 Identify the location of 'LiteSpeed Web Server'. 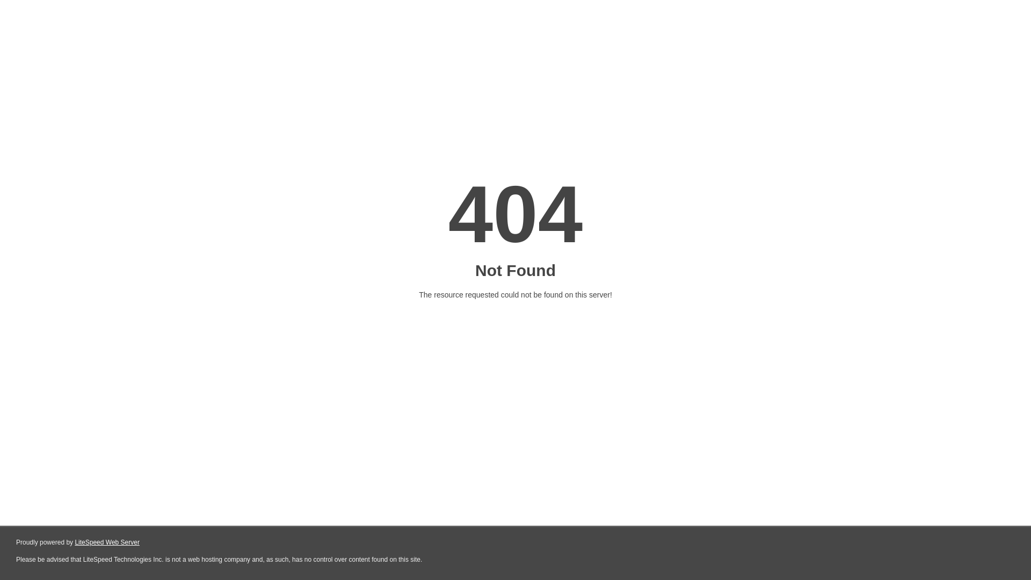
(107, 542).